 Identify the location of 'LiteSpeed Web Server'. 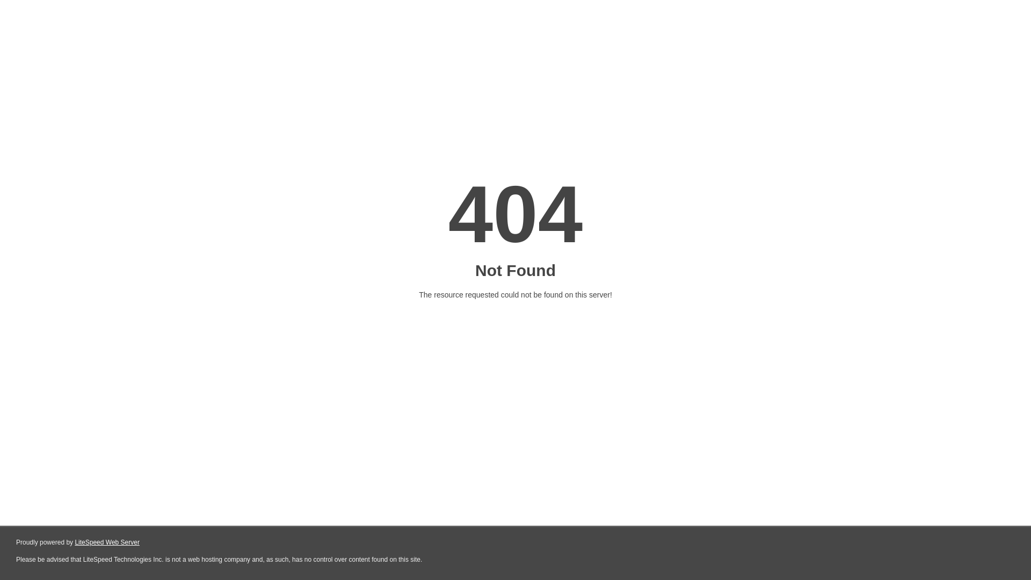
(107, 542).